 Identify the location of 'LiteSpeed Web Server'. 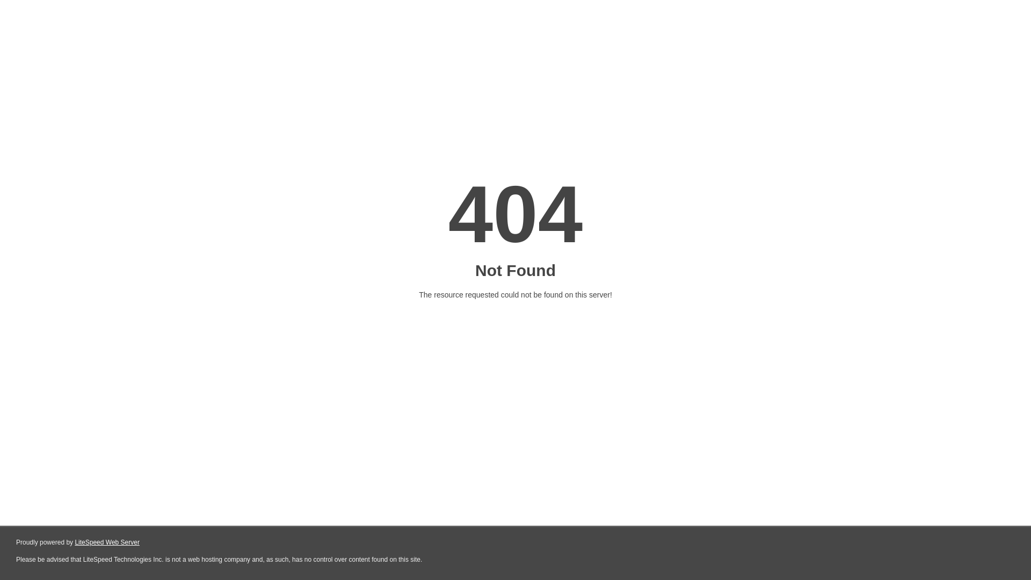
(107, 542).